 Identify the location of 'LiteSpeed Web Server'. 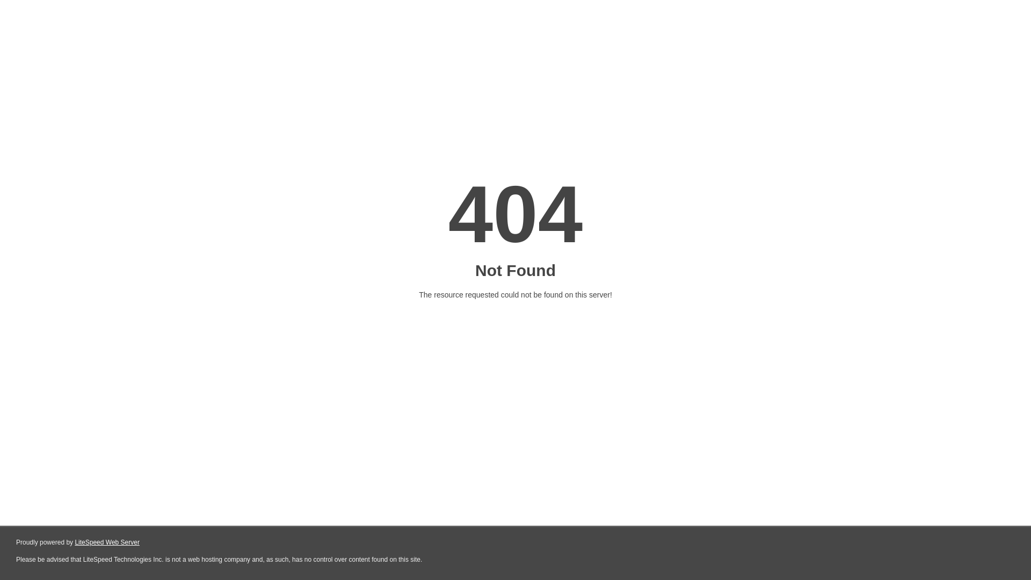
(107, 542).